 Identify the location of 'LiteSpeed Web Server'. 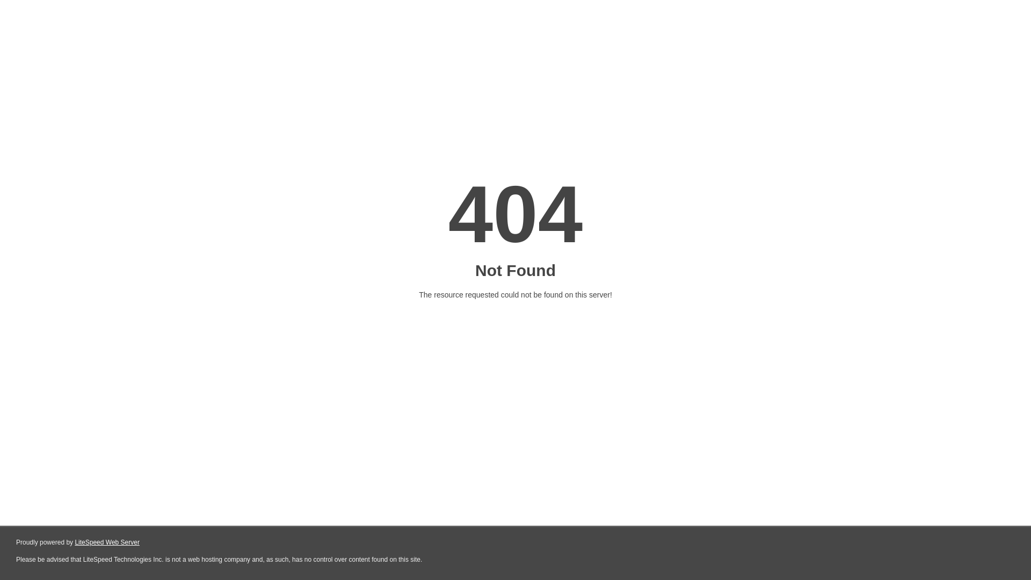
(107, 542).